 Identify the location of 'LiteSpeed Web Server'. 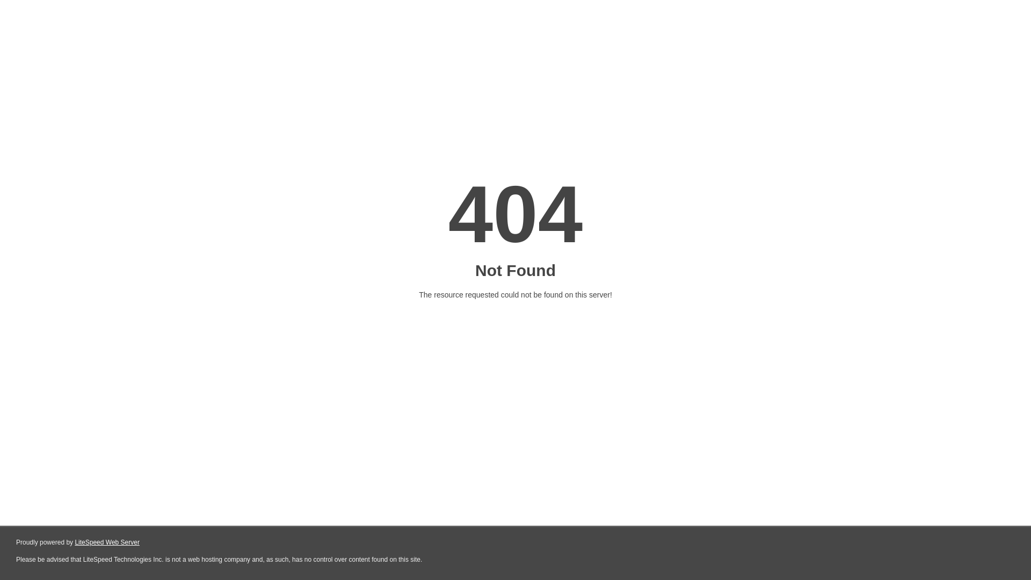
(107, 542).